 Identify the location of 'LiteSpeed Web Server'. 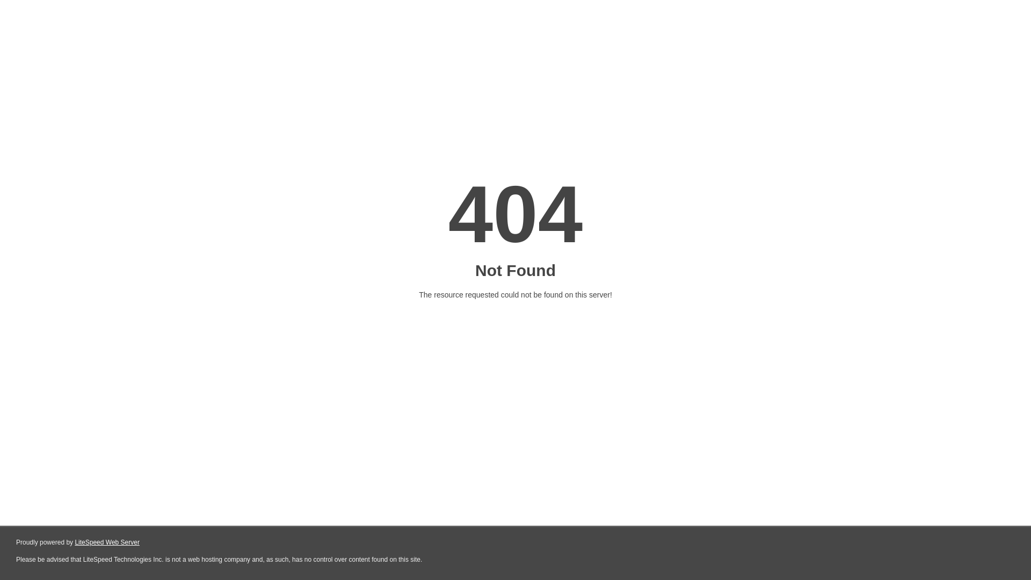
(107, 542).